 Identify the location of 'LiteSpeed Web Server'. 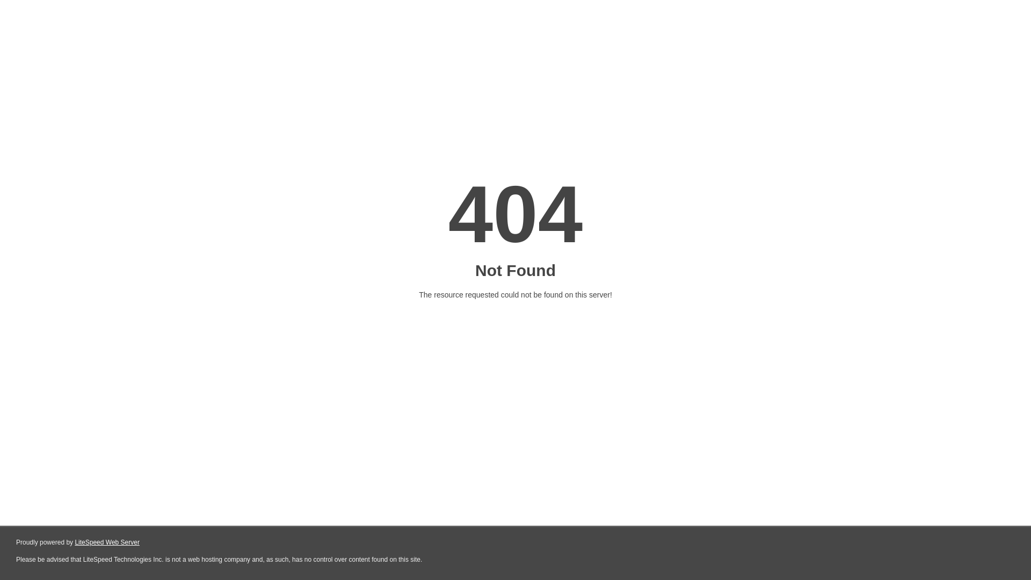
(107, 542).